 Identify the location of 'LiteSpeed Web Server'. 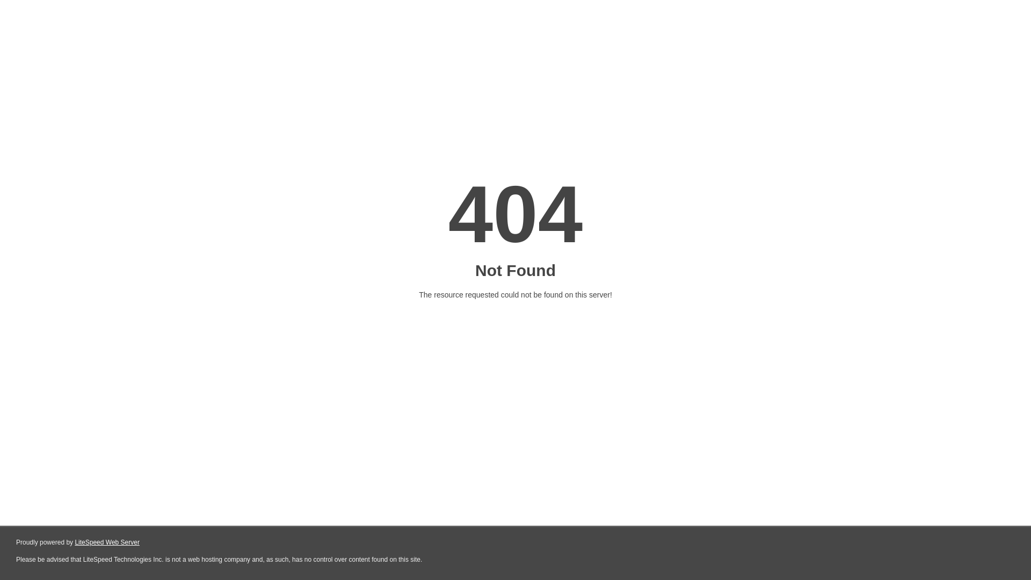
(107, 542).